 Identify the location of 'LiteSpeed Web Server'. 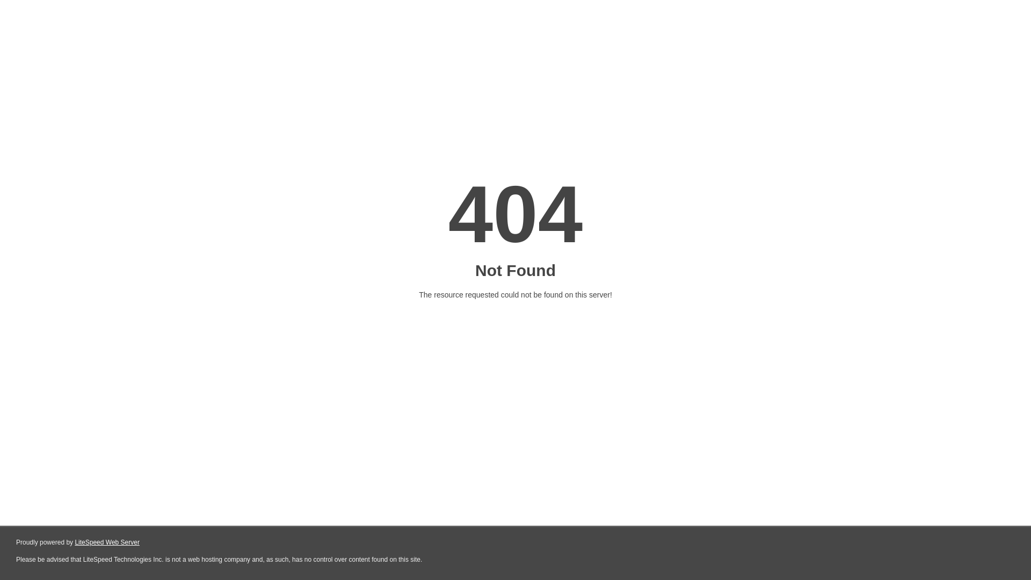
(107, 542).